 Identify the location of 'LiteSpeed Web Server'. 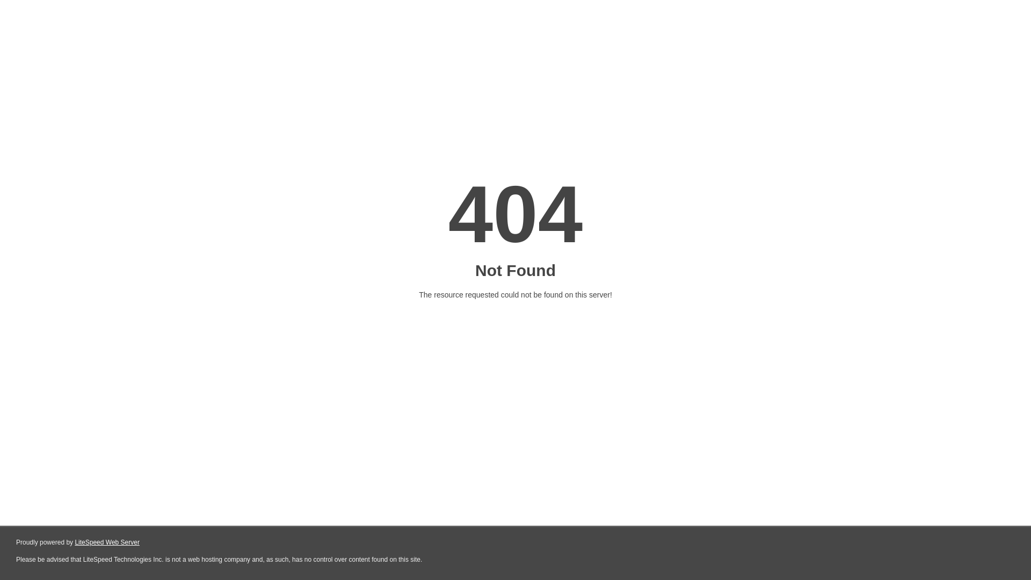
(107, 542).